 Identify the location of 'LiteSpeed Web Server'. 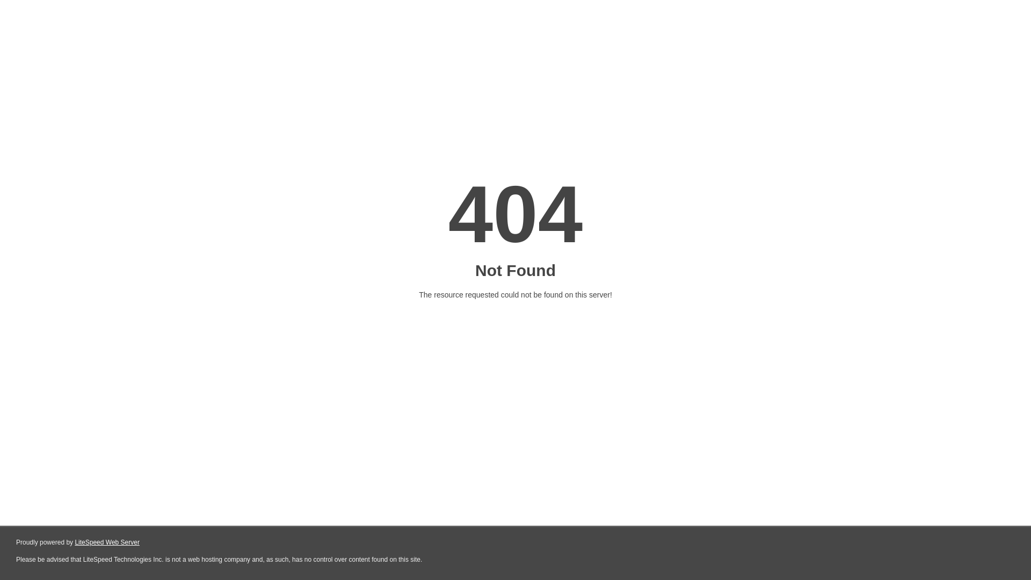
(107, 542).